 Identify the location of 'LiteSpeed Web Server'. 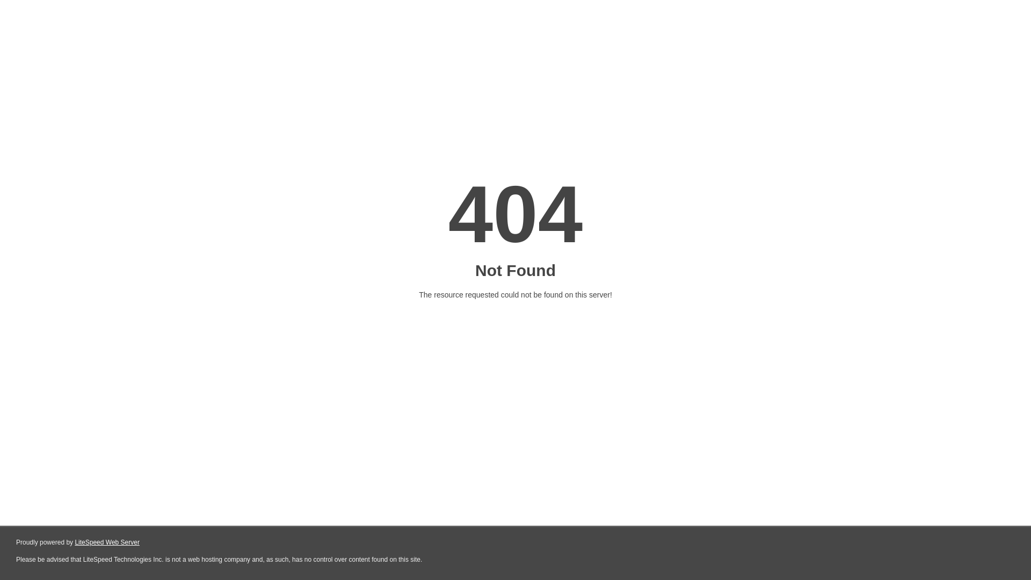
(107, 542).